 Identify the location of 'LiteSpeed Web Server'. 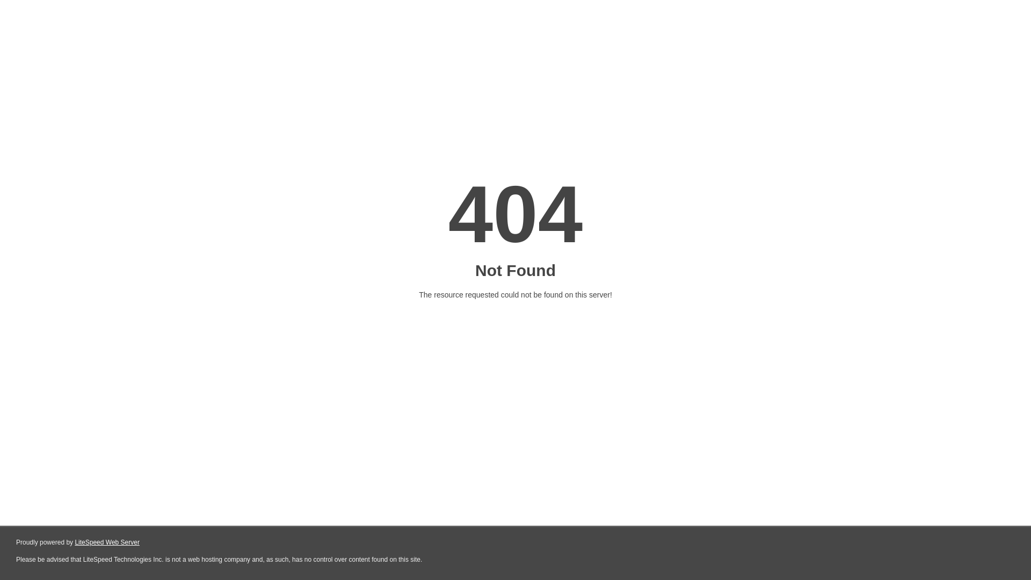
(107, 542).